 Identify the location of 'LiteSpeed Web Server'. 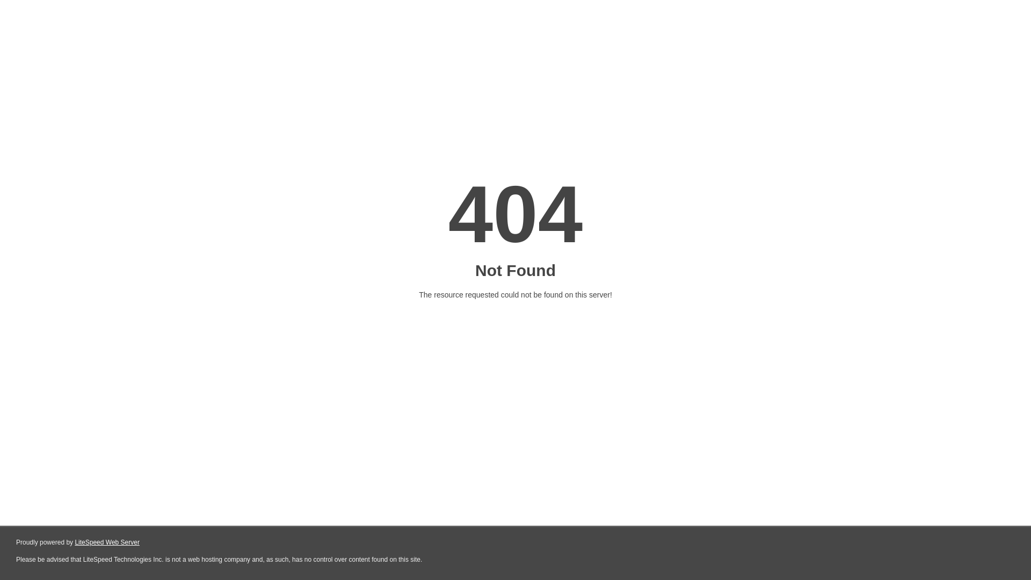
(107, 542).